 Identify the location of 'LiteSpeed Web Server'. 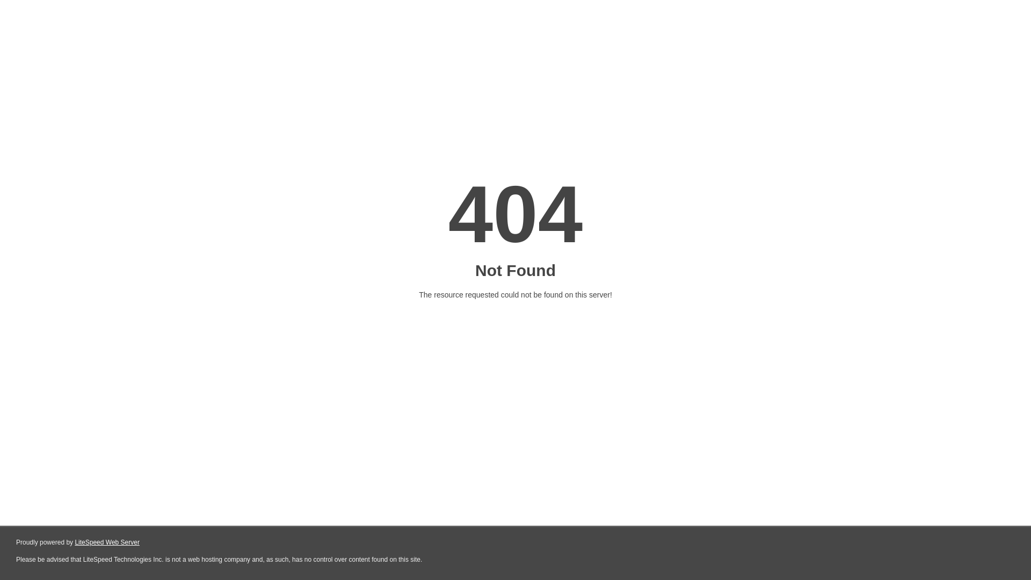
(107, 542).